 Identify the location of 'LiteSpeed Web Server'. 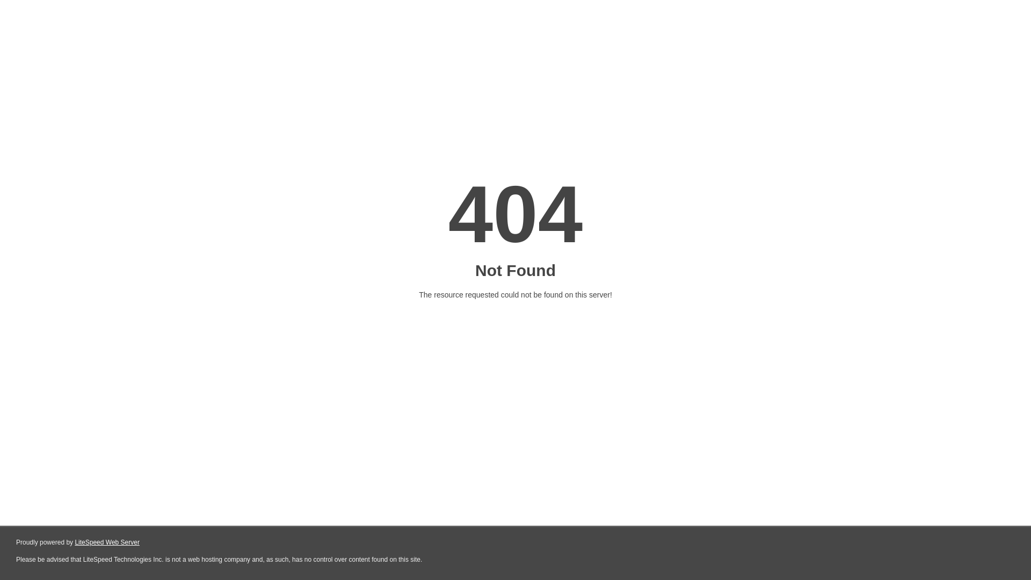
(107, 542).